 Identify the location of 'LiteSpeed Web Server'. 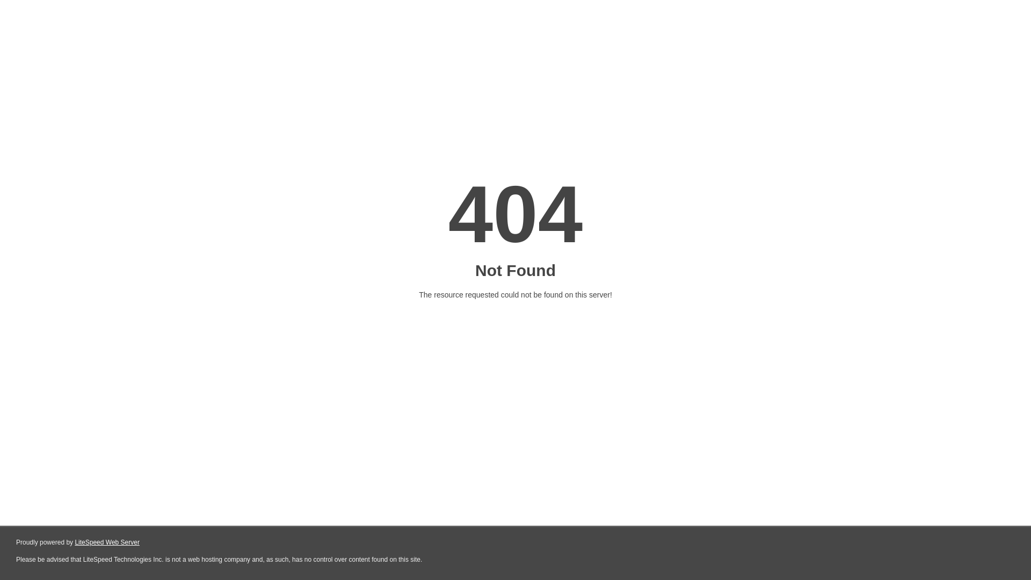
(107, 542).